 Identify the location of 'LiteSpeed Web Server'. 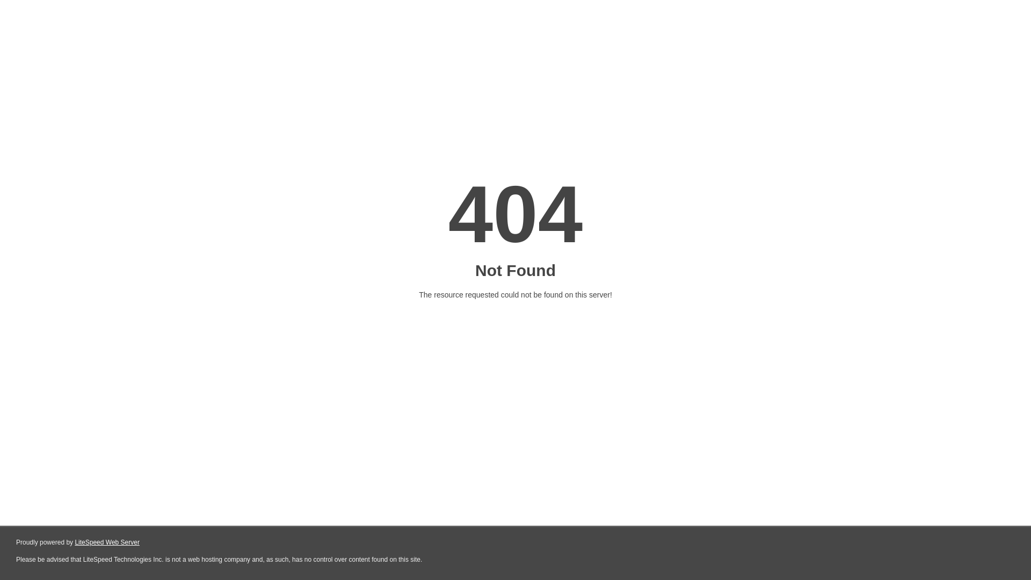
(107, 542).